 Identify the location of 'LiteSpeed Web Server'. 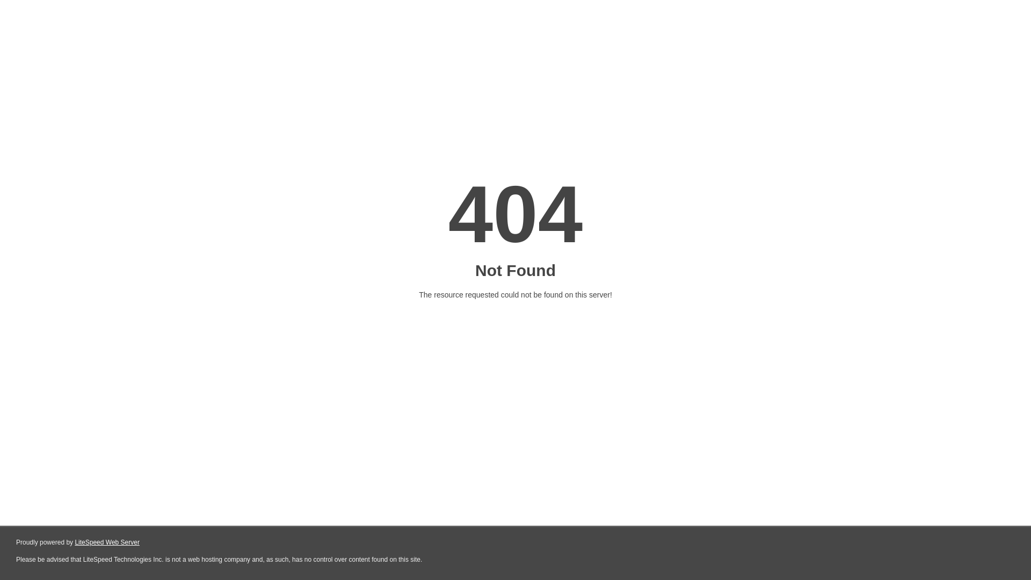
(107, 542).